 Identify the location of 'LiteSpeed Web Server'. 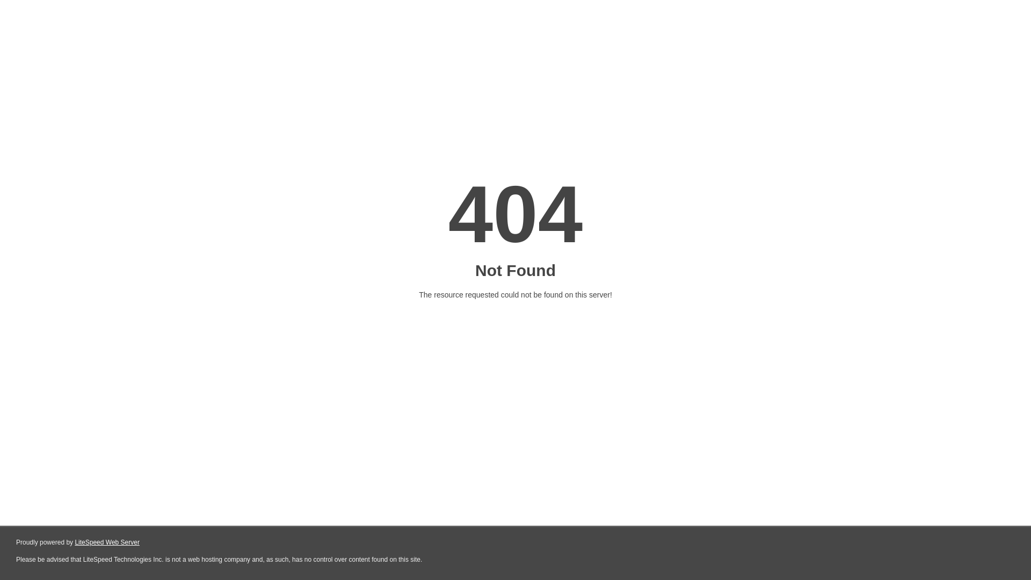
(107, 542).